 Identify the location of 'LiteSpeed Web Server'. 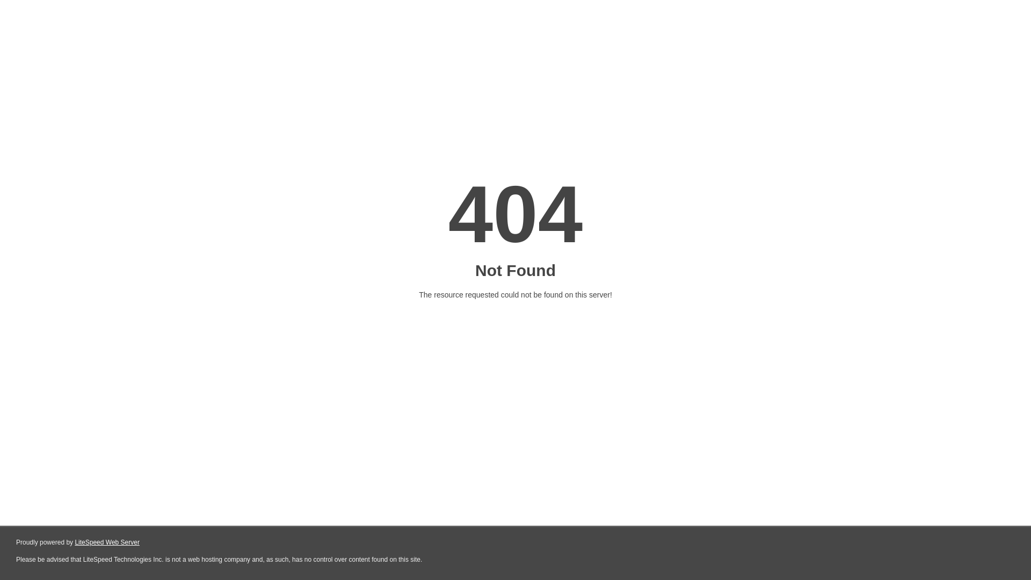
(107, 542).